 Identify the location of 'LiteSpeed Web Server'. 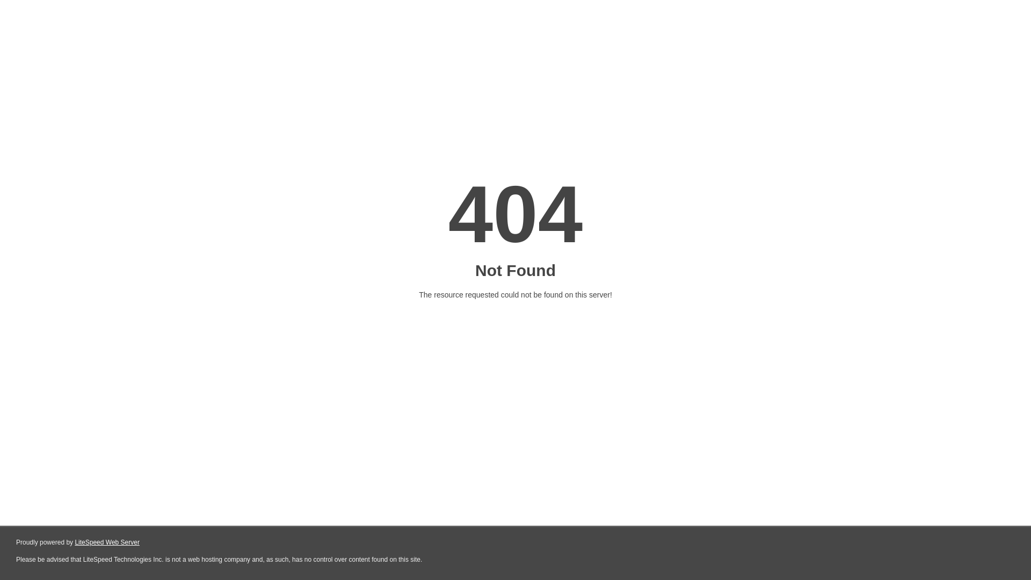
(107, 542).